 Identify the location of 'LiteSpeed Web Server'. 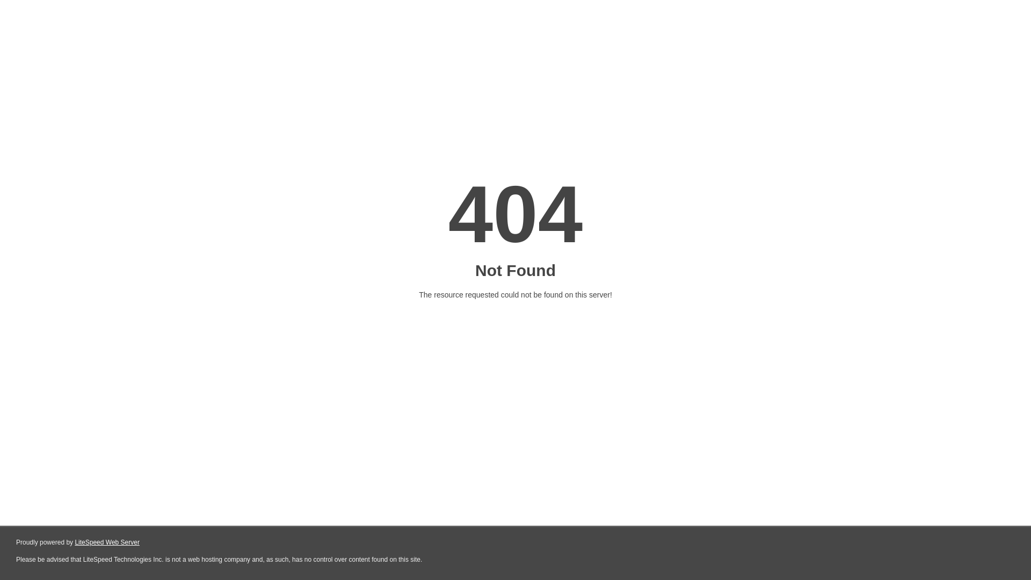
(107, 542).